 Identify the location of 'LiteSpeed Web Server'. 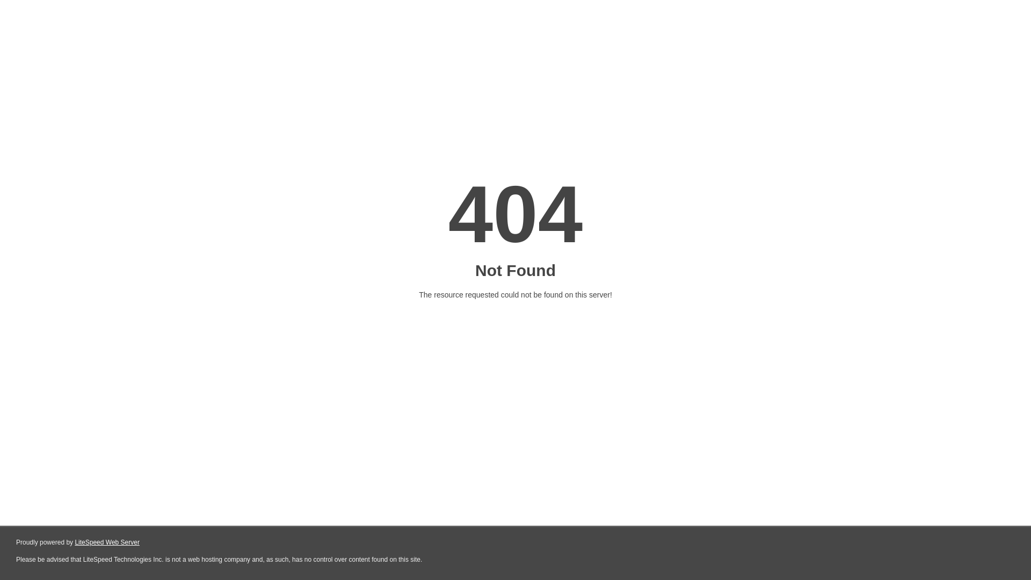
(107, 542).